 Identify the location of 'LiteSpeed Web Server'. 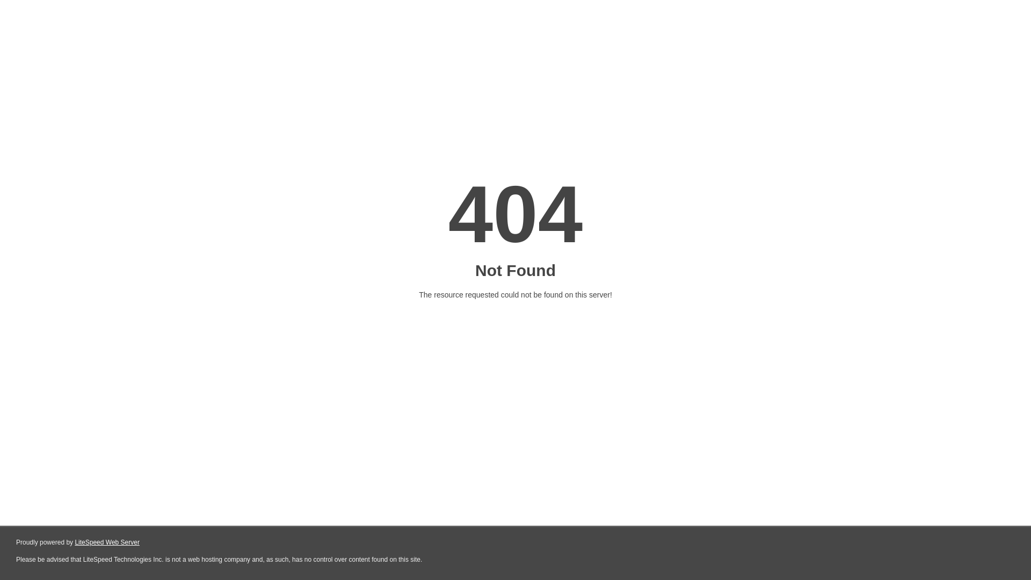
(107, 542).